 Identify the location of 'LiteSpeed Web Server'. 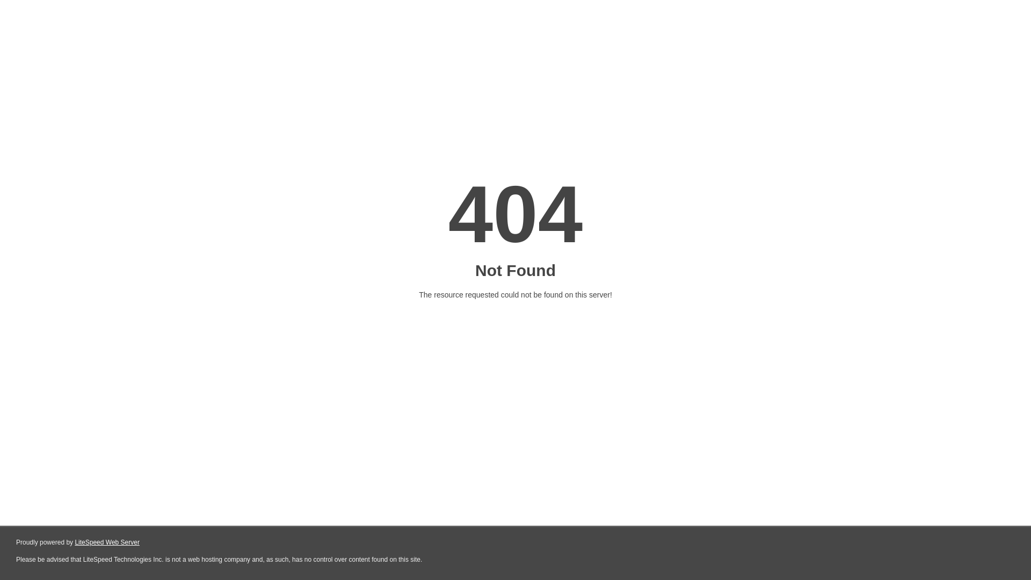
(107, 542).